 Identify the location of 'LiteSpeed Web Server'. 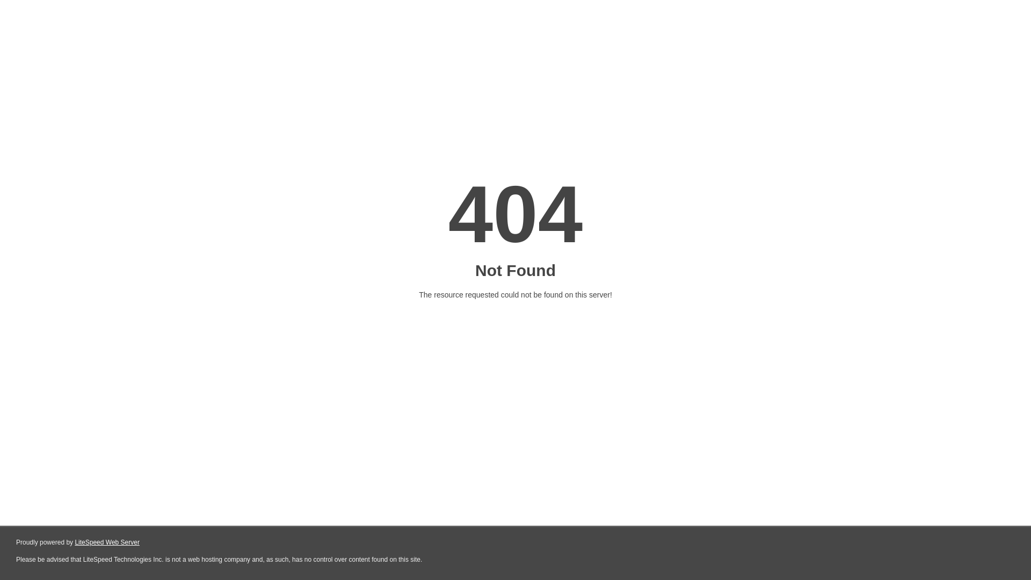
(107, 542).